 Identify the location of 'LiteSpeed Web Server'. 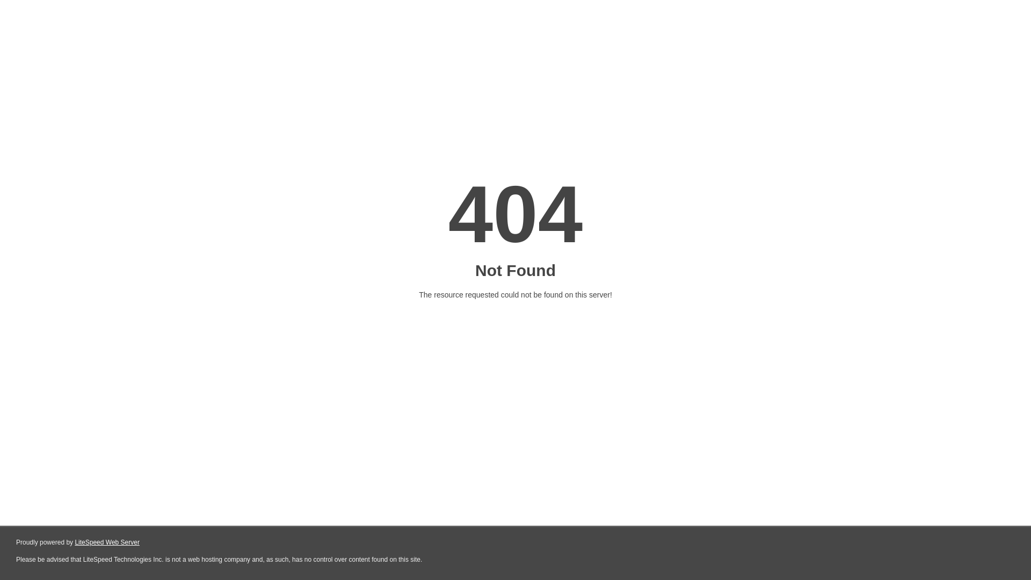
(107, 542).